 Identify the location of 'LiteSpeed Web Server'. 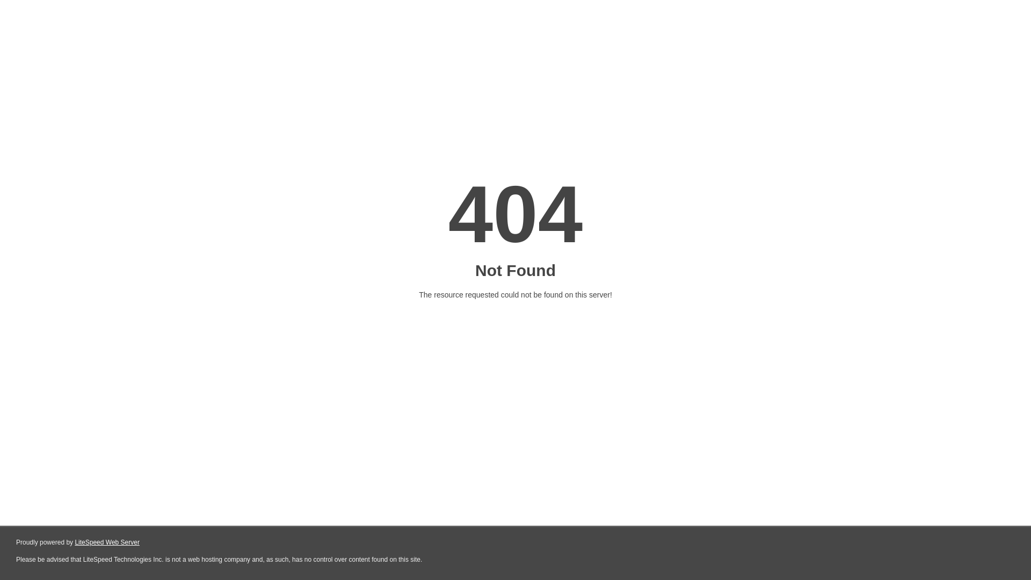
(107, 542).